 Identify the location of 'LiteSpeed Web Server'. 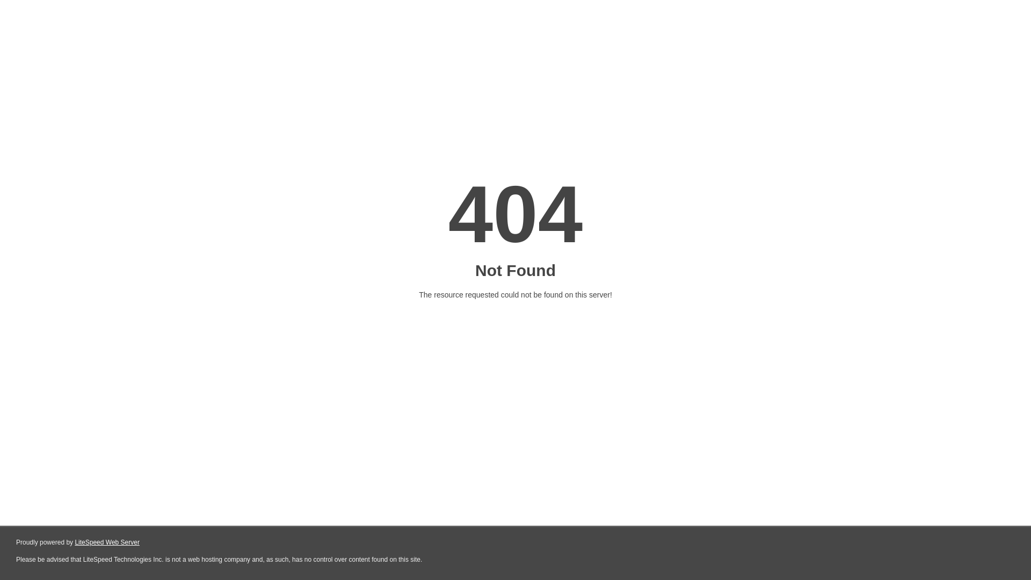
(107, 542).